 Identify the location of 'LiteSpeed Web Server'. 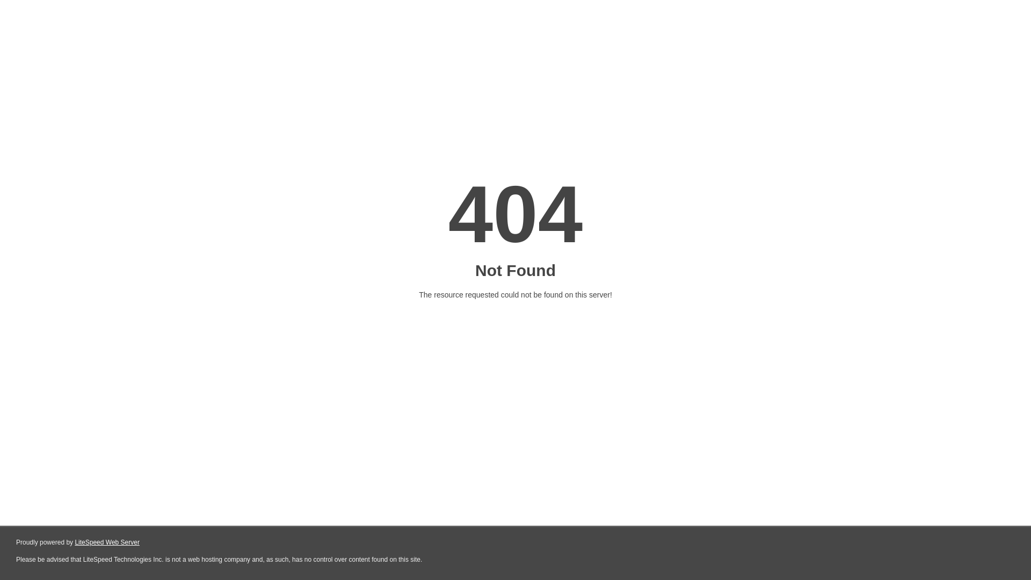
(107, 542).